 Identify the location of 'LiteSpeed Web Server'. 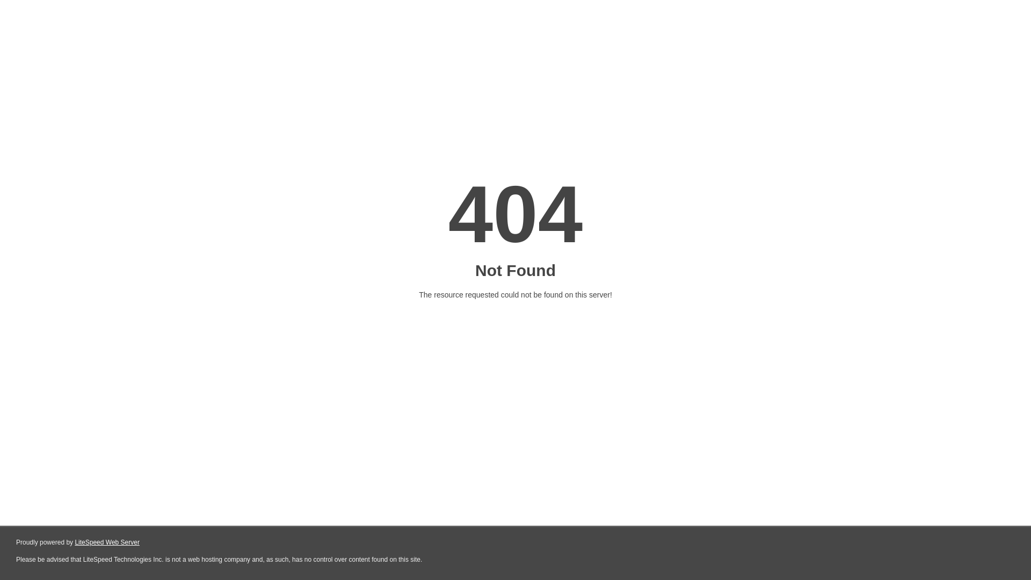
(107, 542).